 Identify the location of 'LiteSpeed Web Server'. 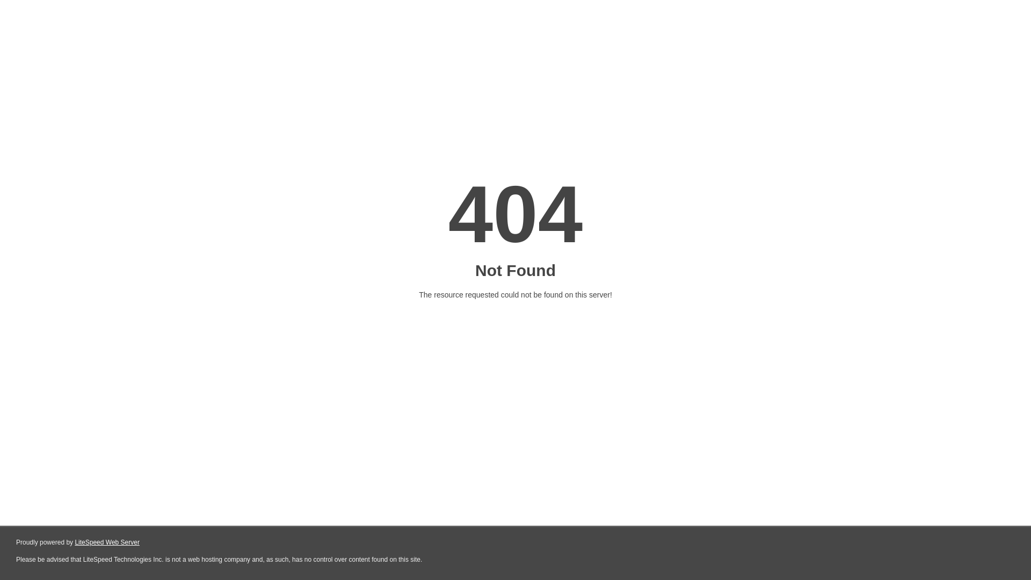
(107, 542).